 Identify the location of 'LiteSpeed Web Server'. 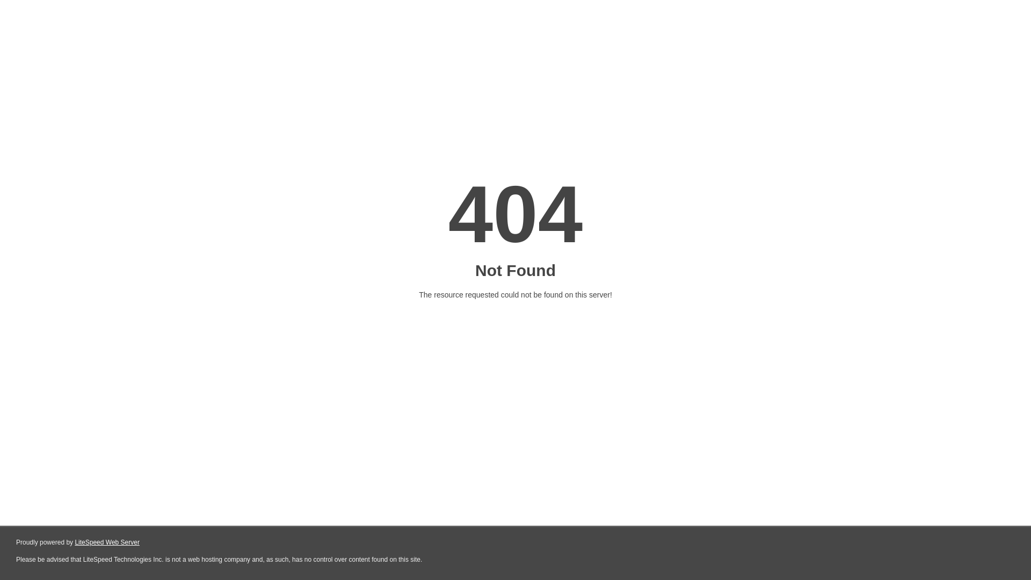
(107, 542).